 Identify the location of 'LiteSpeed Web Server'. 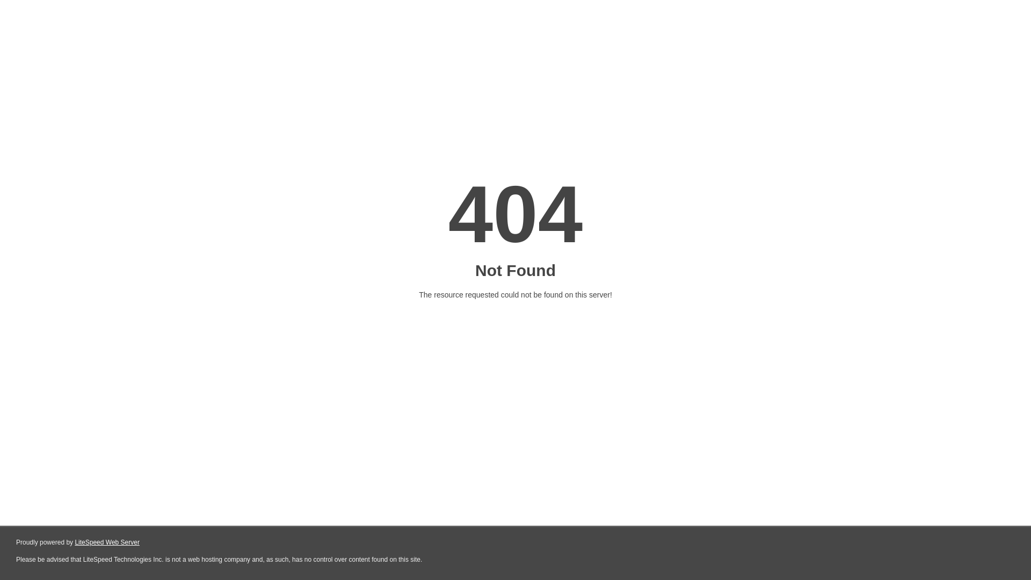
(107, 542).